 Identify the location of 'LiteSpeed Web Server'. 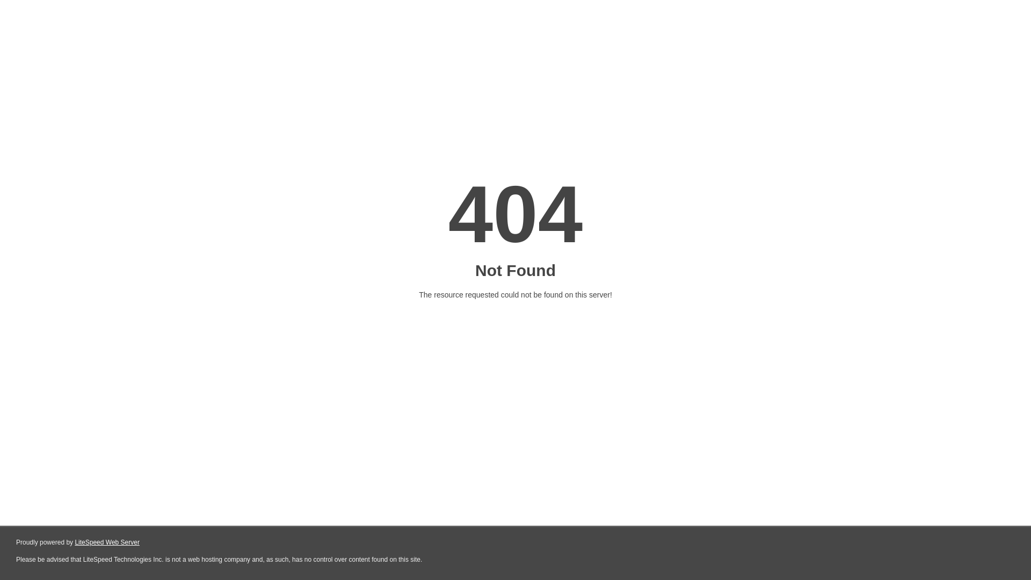
(107, 542).